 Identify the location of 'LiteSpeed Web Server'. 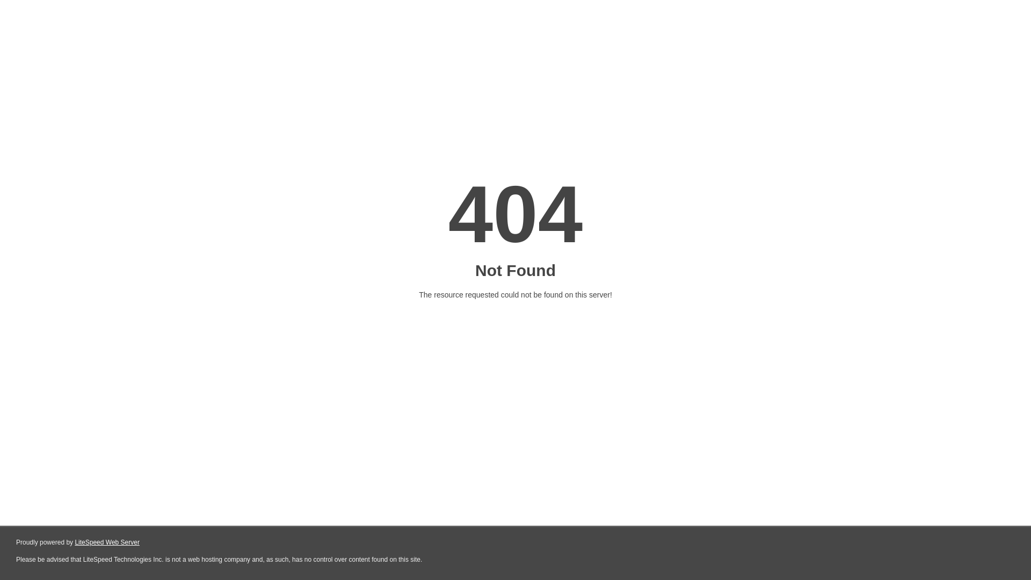
(107, 542).